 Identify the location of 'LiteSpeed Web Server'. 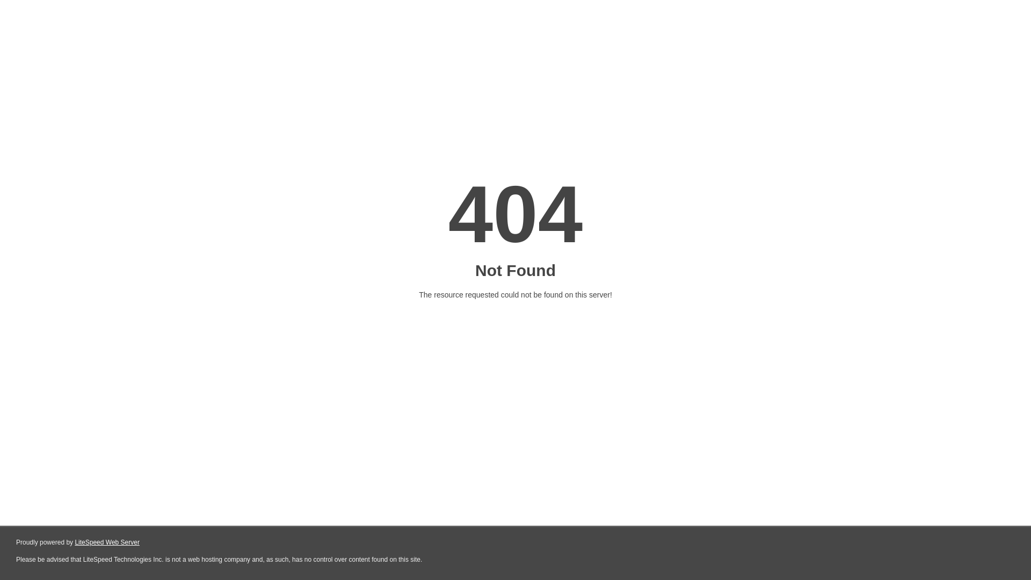
(107, 542).